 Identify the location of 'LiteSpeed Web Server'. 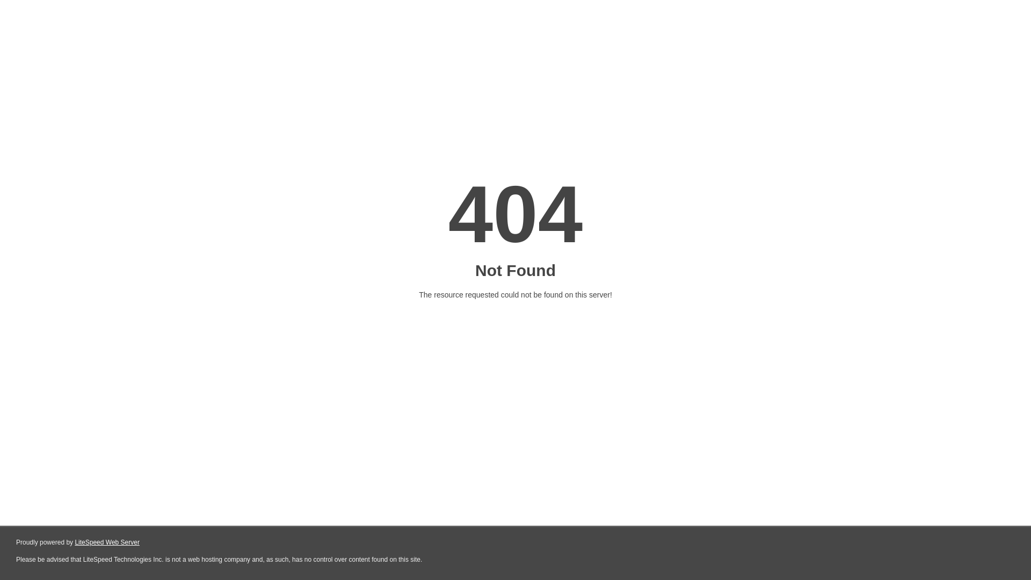
(107, 542).